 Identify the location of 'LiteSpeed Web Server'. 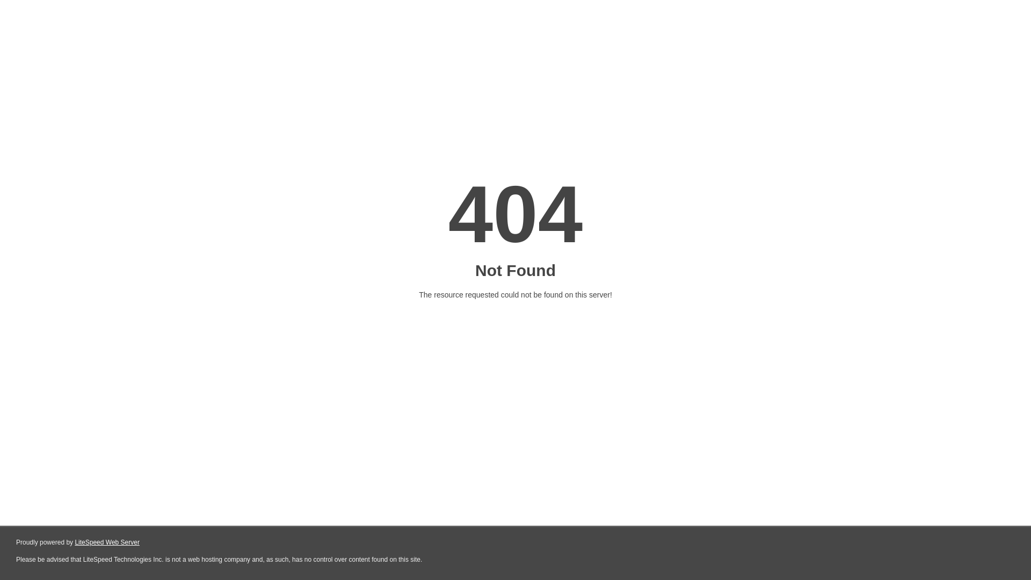
(107, 542).